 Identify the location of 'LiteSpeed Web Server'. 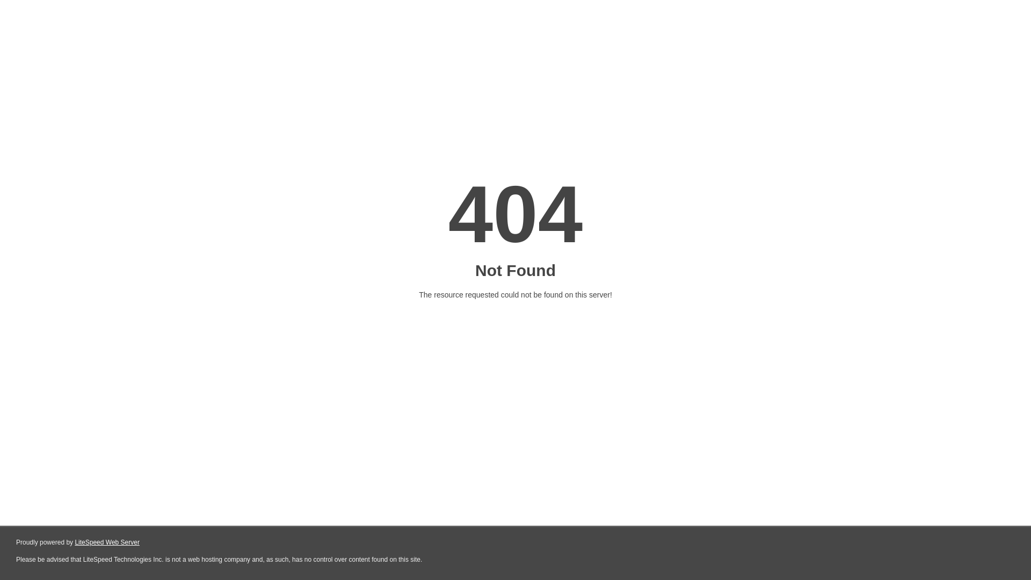
(107, 542).